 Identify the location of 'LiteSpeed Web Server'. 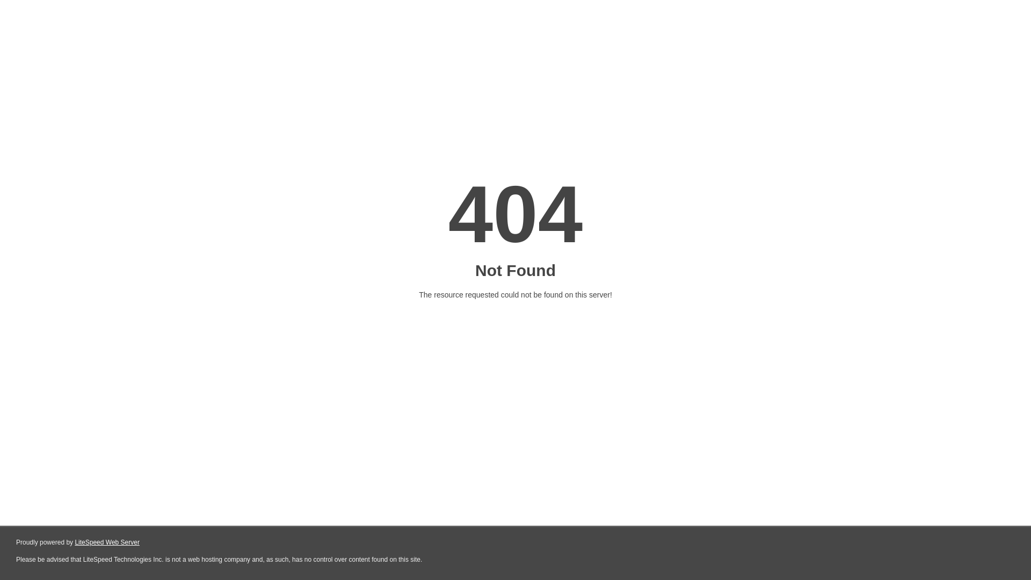
(107, 542).